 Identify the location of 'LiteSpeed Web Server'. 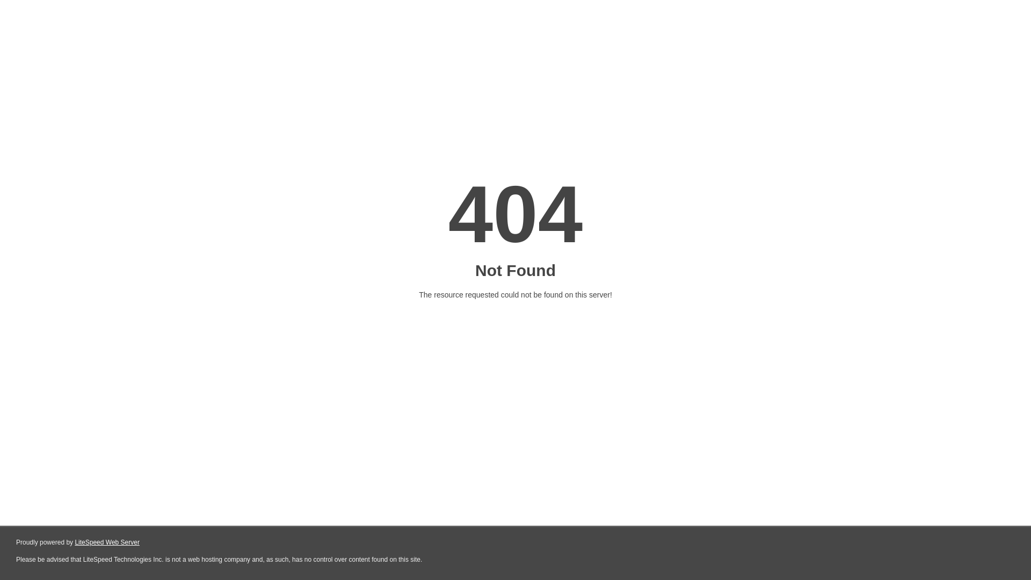
(107, 542).